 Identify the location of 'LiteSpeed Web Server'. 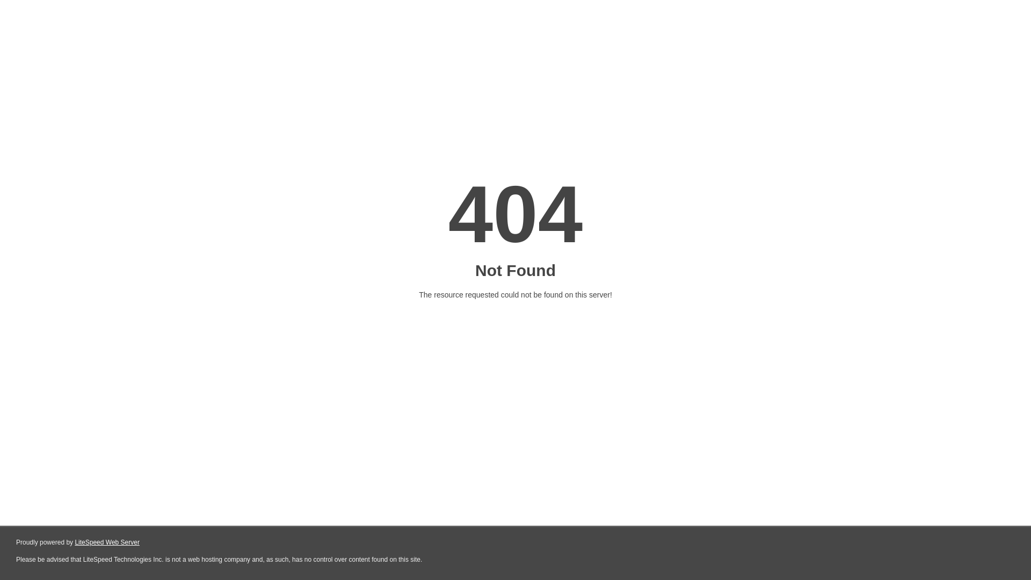
(107, 542).